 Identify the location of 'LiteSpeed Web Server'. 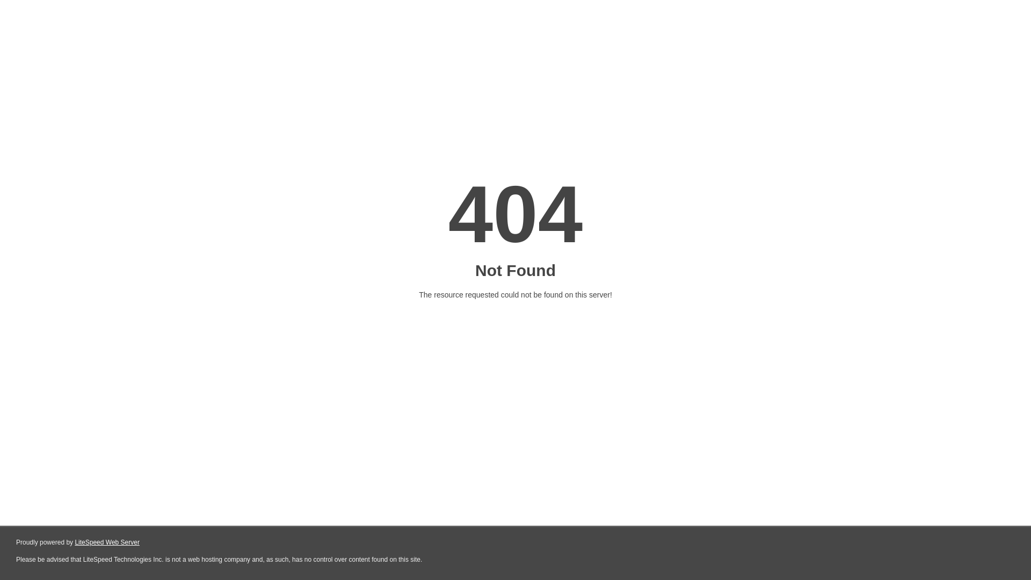
(107, 542).